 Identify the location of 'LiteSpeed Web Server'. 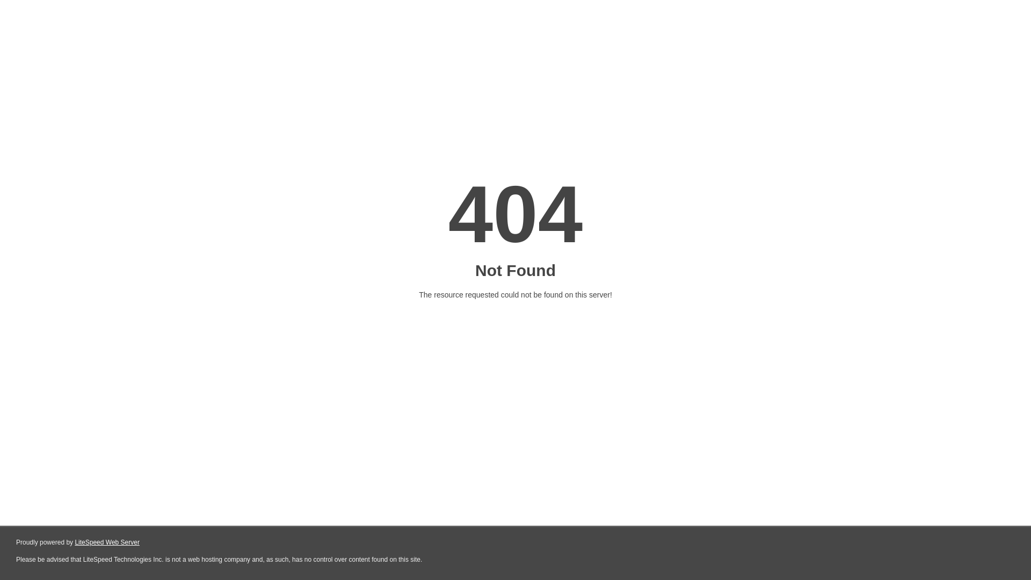
(107, 542).